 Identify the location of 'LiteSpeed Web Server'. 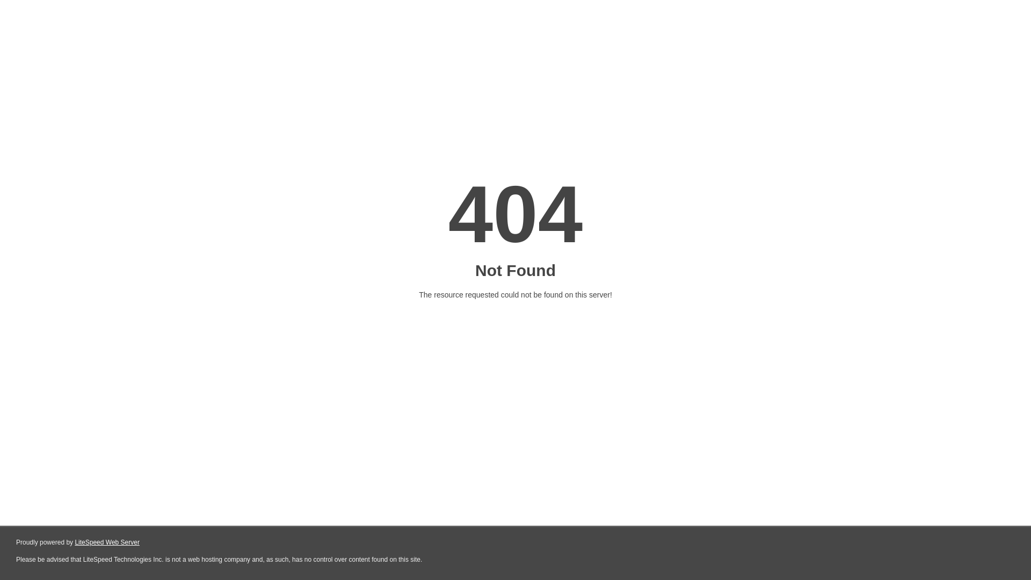
(107, 542).